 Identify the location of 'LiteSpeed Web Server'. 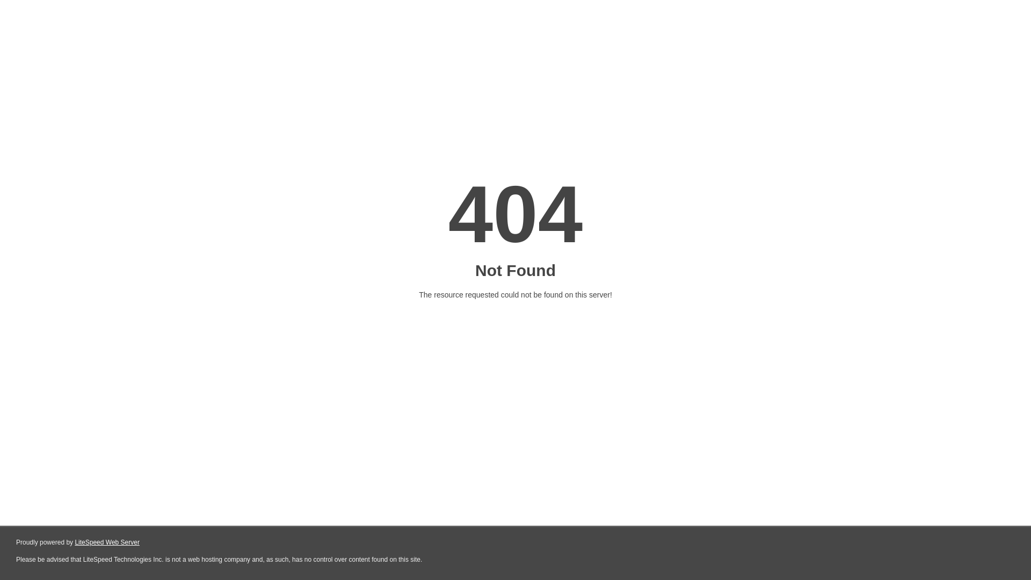
(107, 542).